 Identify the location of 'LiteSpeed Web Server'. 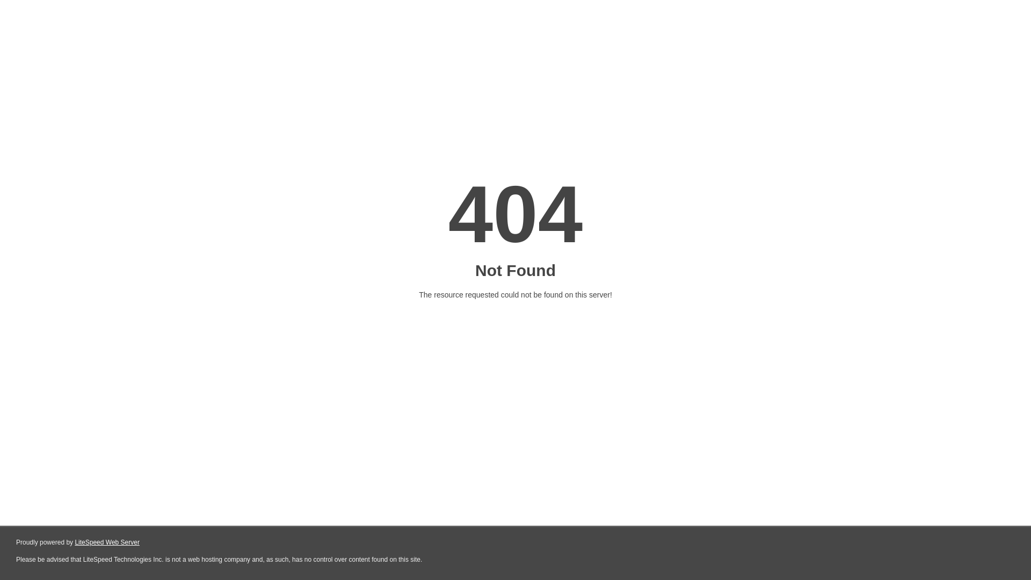
(107, 542).